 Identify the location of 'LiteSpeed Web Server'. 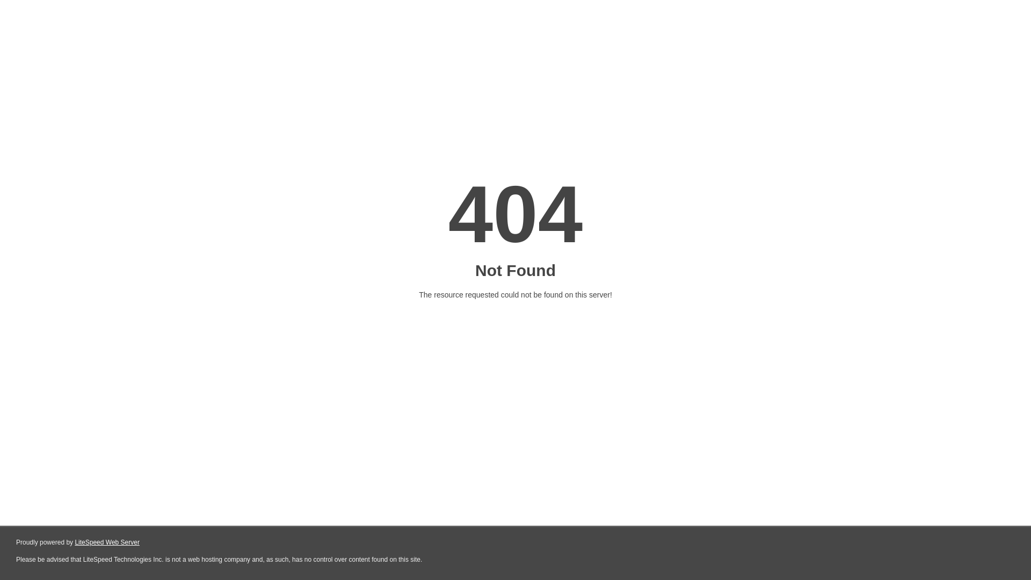
(107, 542).